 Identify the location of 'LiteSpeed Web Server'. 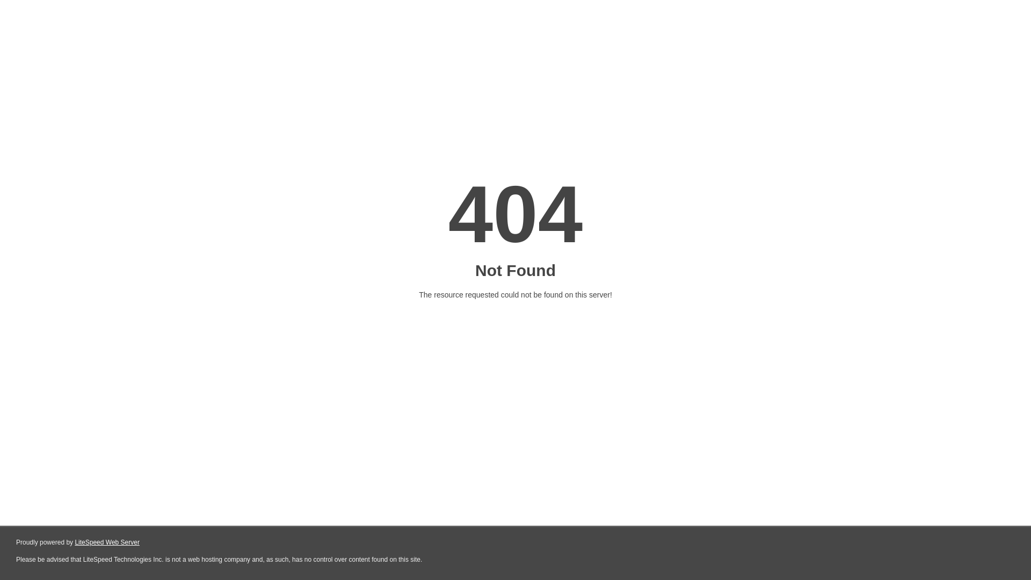
(107, 542).